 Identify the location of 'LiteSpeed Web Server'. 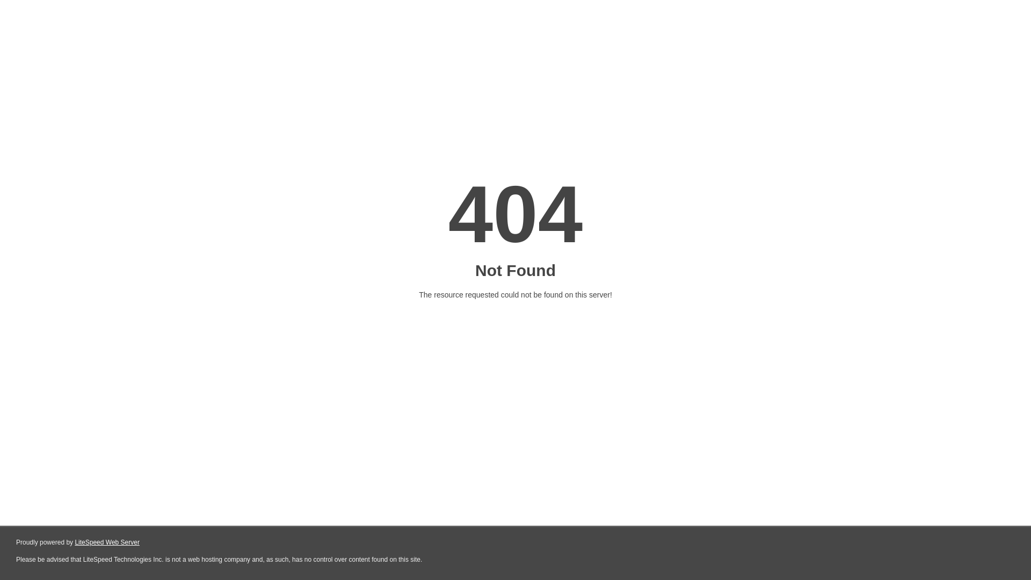
(107, 542).